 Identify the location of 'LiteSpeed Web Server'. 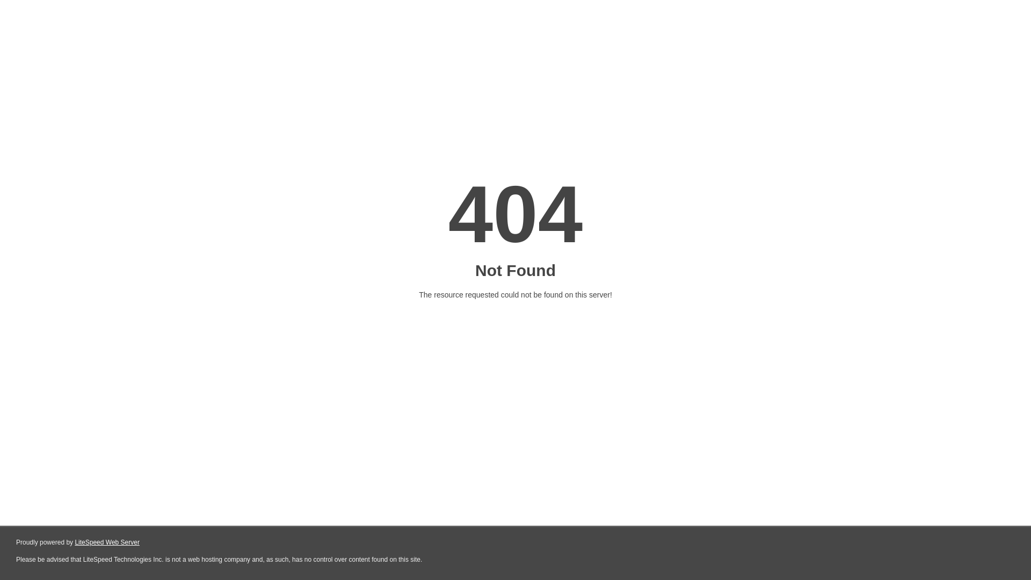
(107, 542).